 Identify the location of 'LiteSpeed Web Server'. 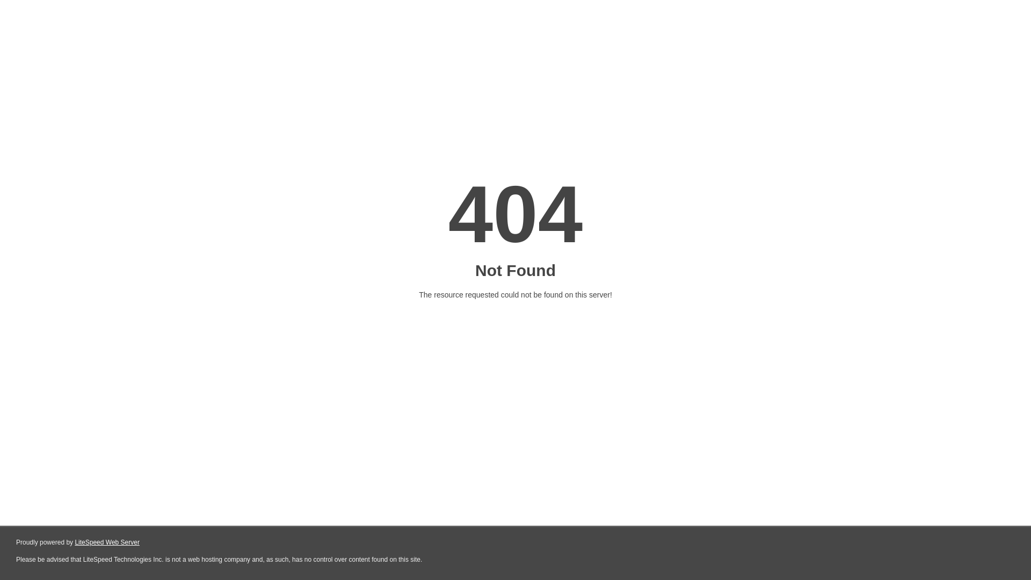
(107, 542).